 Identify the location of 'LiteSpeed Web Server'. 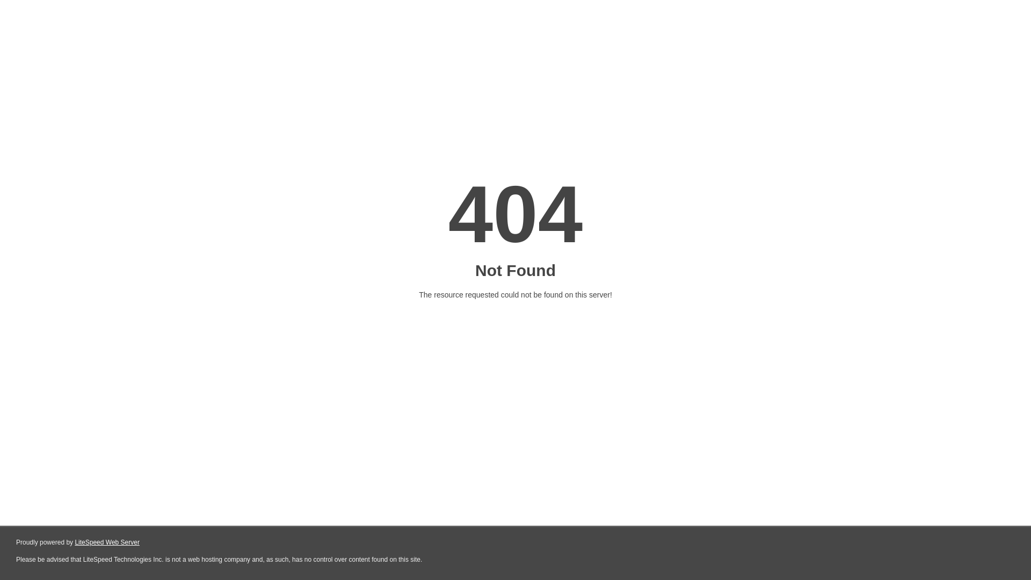
(107, 542).